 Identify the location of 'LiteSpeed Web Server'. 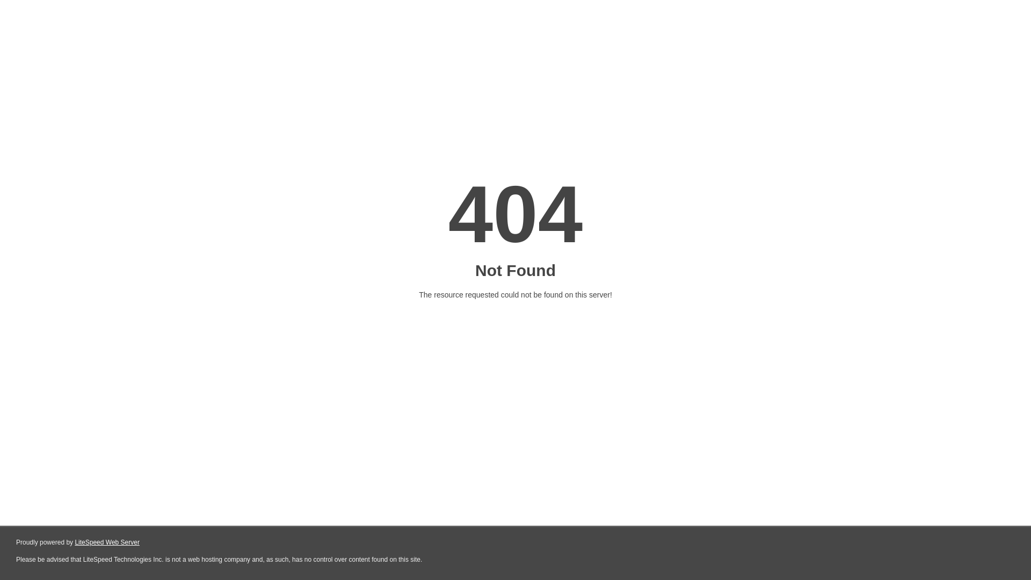
(107, 542).